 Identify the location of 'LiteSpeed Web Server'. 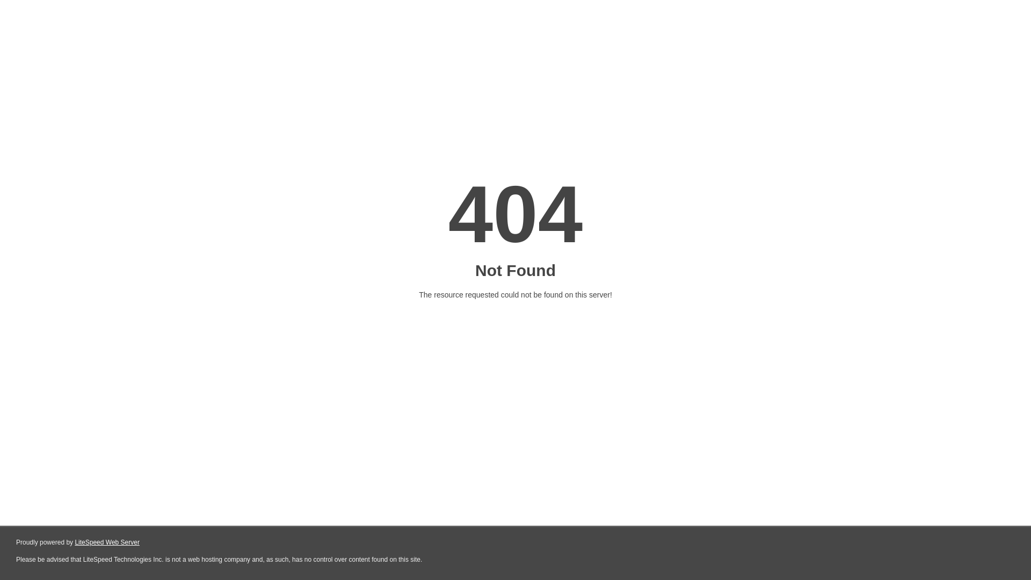
(107, 542).